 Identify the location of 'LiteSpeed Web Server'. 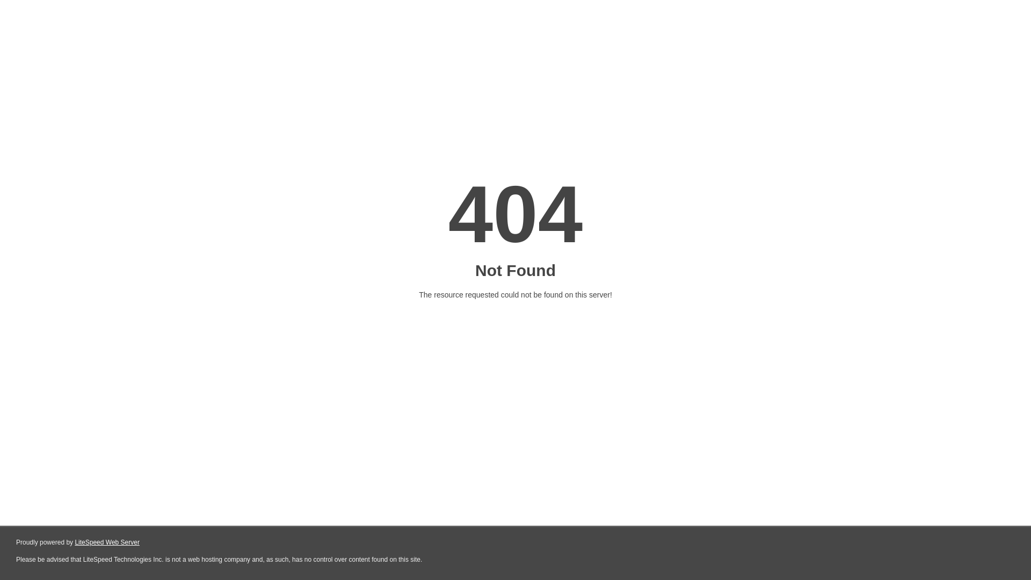
(107, 542).